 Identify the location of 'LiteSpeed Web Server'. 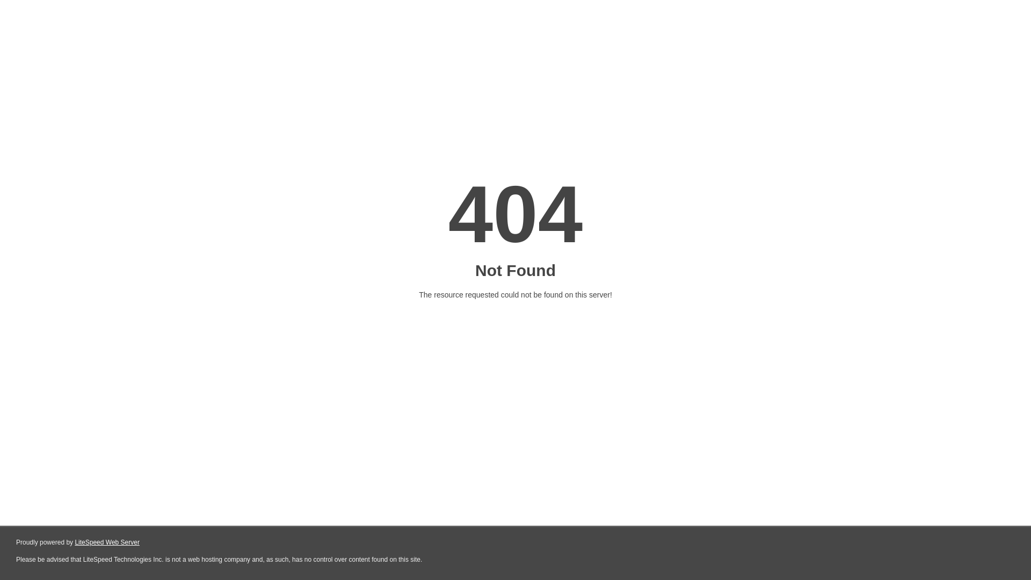
(107, 542).